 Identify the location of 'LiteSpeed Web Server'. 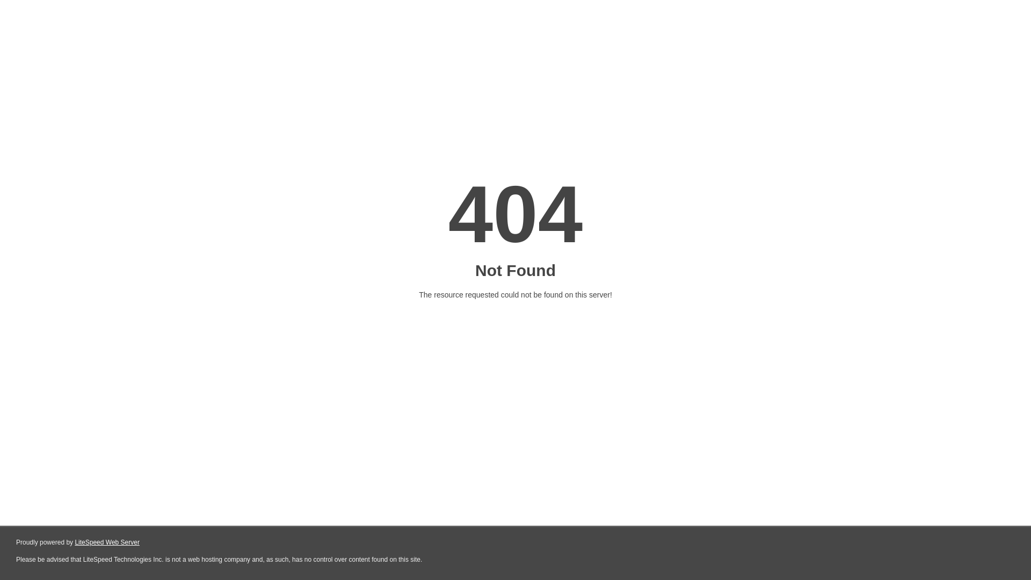
(107, 542).